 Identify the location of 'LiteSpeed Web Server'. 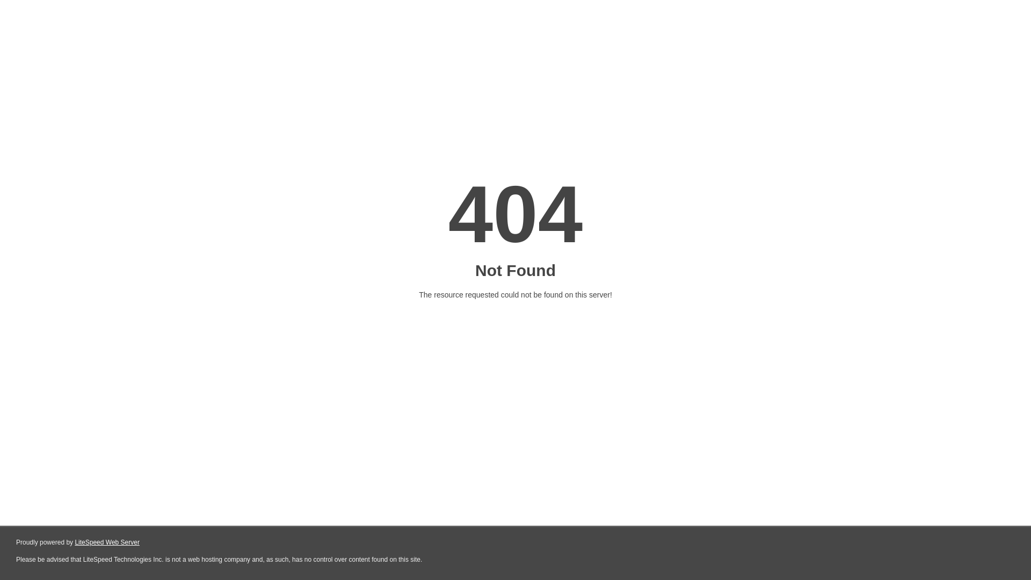
(107, 542).